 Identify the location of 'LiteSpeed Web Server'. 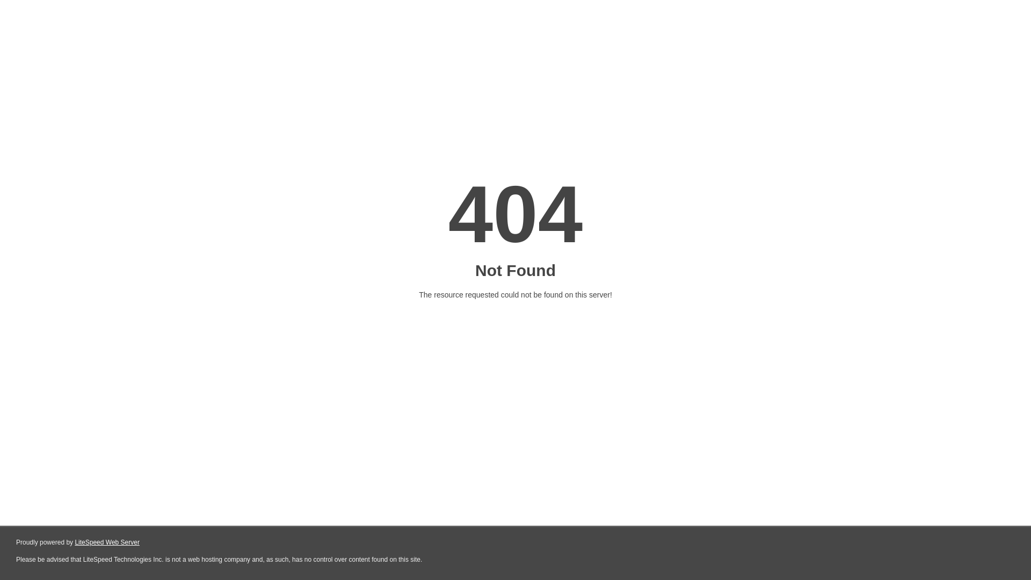
(107, 542).